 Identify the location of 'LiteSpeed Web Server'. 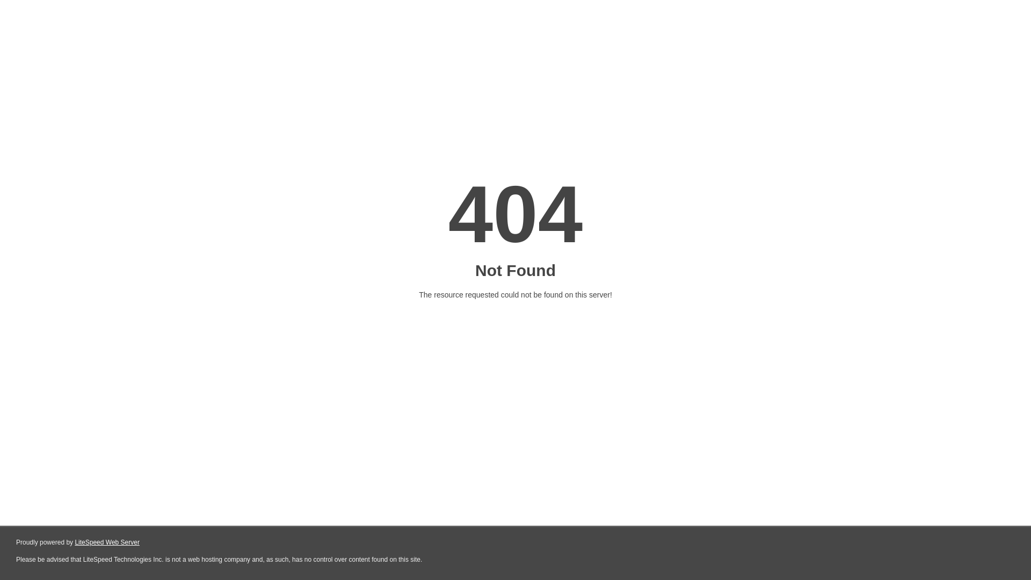
(107, 542).